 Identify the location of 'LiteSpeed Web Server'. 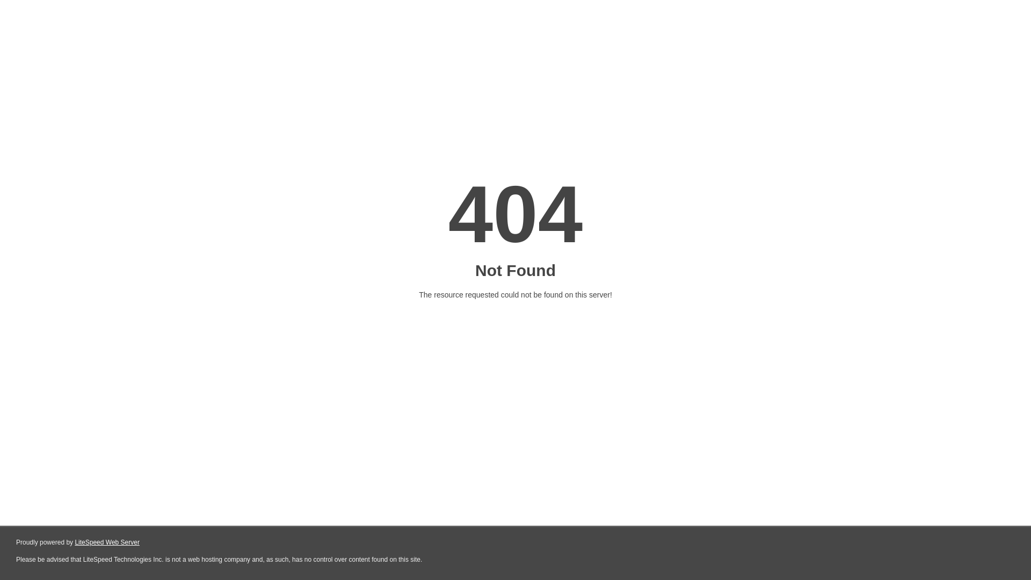
(107, 542).